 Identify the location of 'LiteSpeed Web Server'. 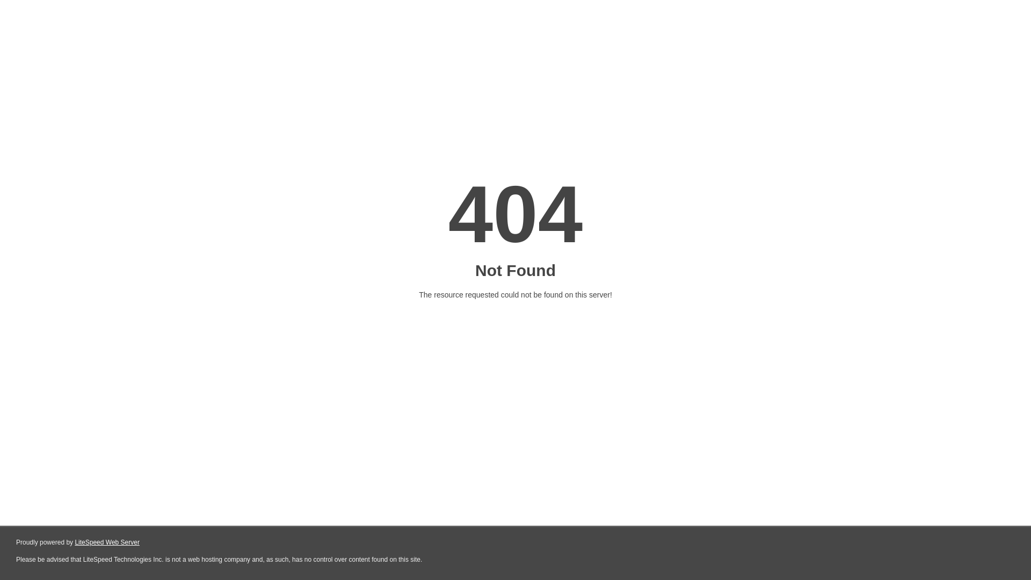
(107, 542).